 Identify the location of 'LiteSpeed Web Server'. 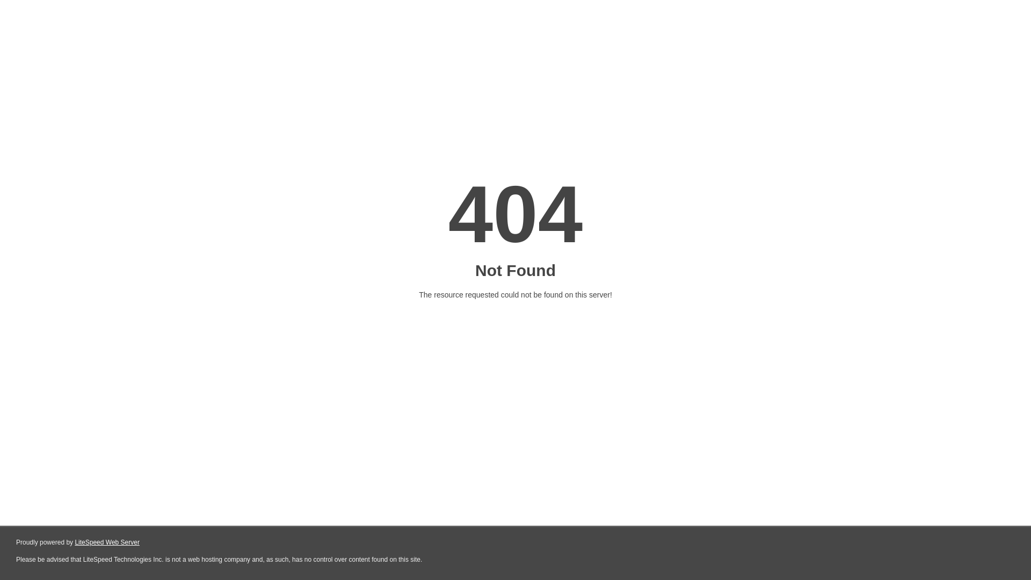
(107, 542).